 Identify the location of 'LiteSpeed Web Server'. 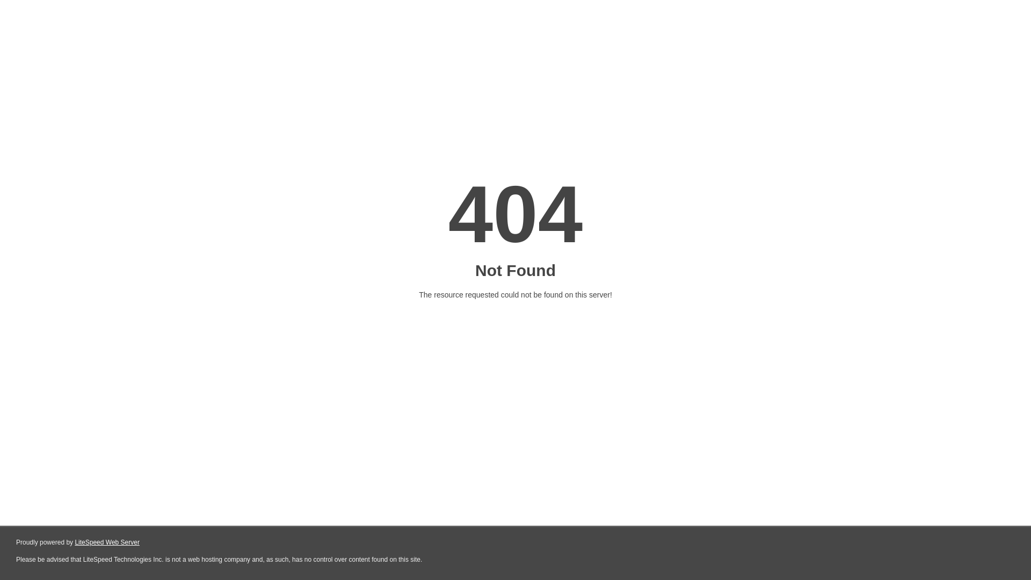
(107, 542).